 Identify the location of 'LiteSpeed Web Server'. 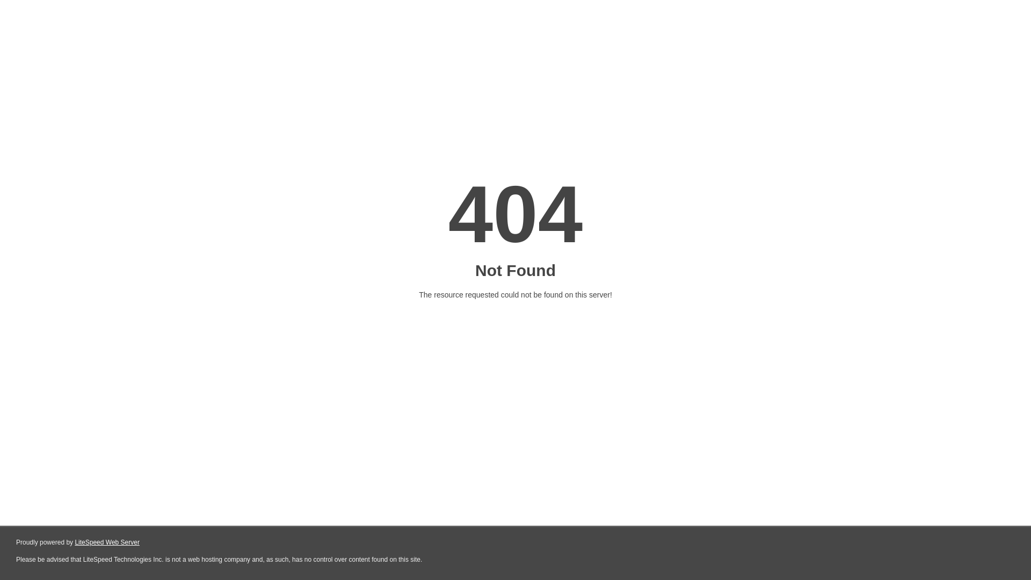
(107, 542).